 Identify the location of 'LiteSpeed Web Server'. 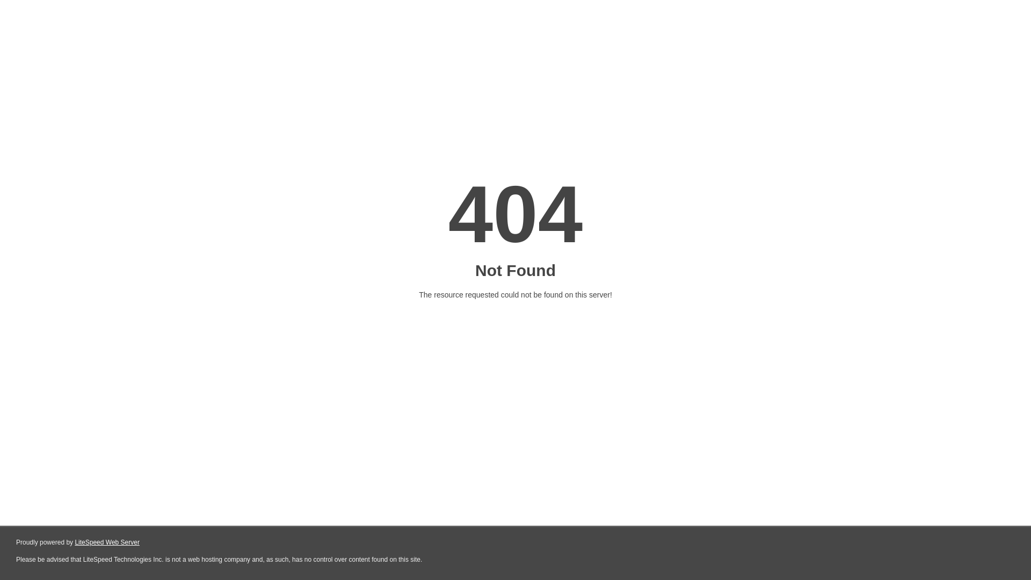
(107, 542).